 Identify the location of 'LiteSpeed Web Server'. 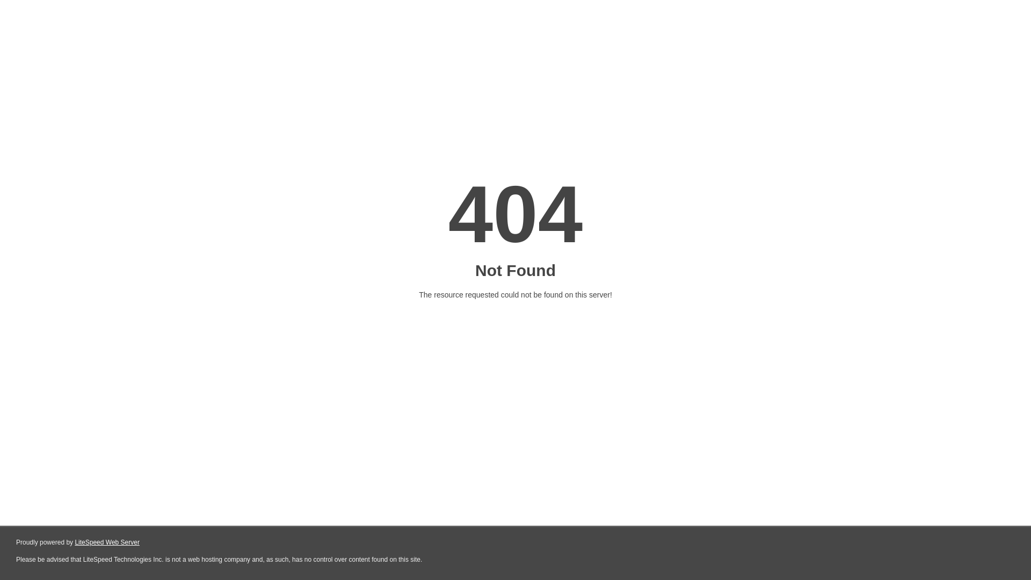
(107, 542).